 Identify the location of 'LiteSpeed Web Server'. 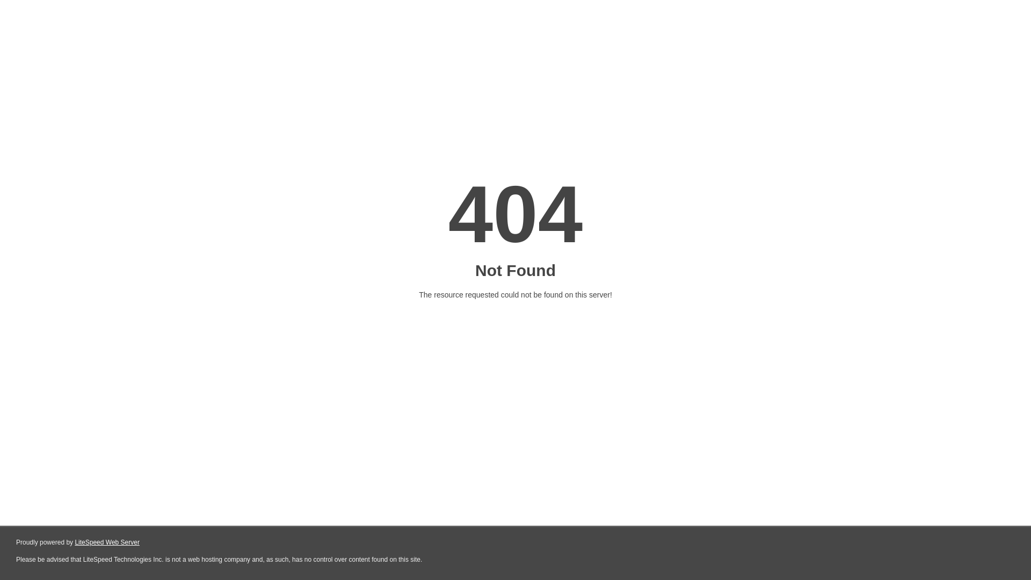
(107, 542).